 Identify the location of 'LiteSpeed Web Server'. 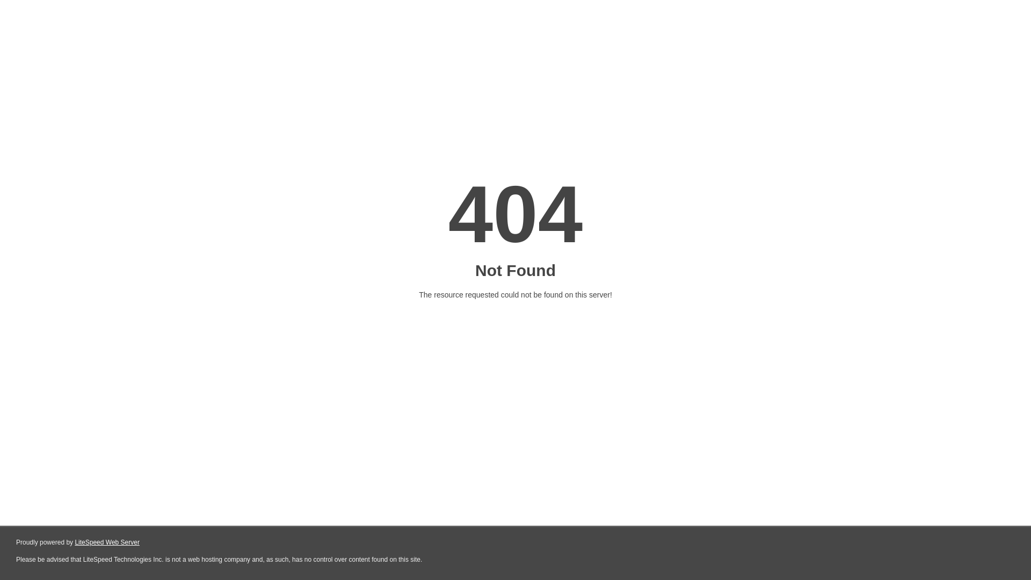
(107, 542).